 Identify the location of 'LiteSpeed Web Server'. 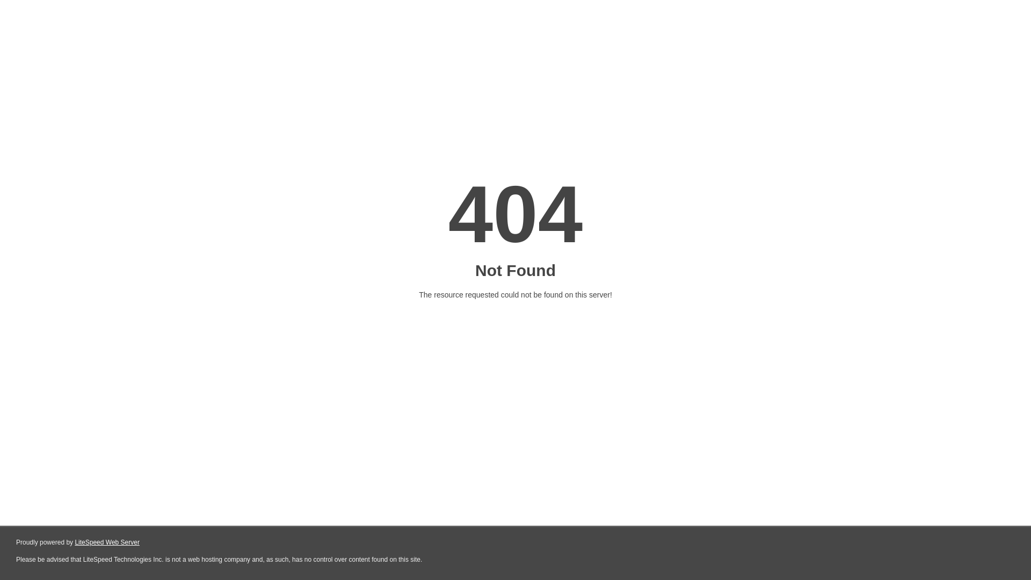
(107, 542).